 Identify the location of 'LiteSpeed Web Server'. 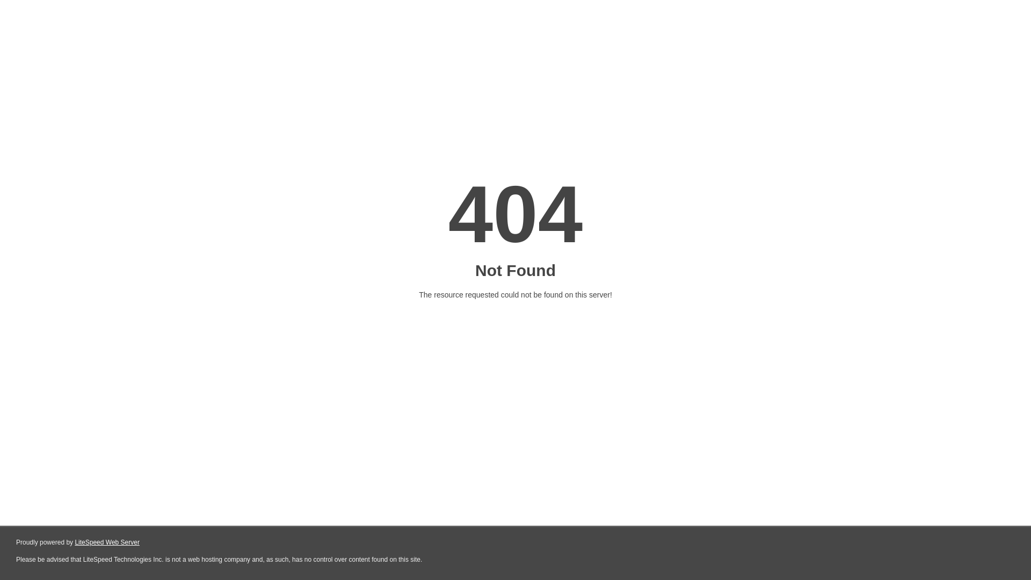
(107, 542).